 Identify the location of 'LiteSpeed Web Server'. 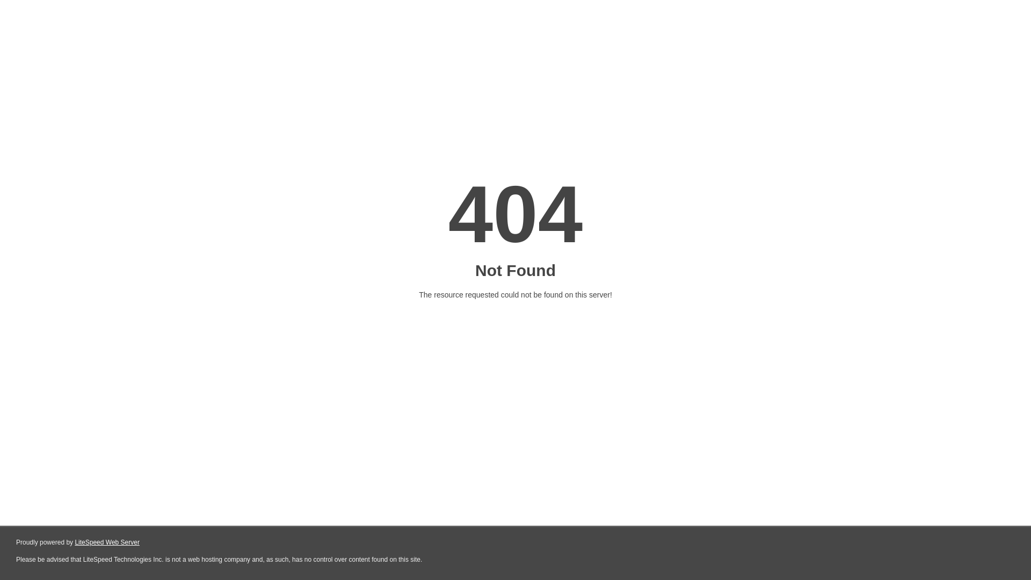
(107, 542).